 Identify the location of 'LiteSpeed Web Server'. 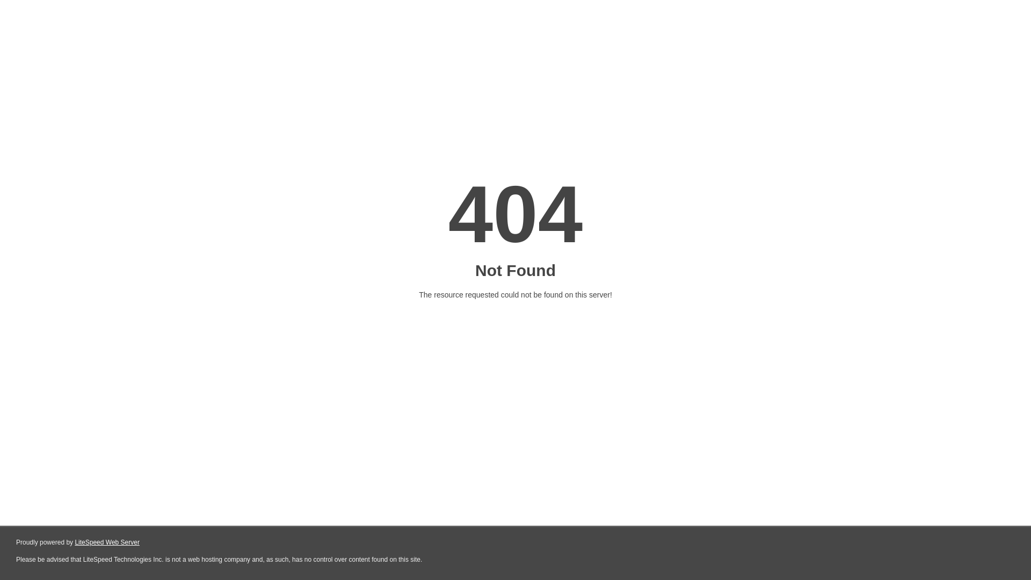
(107, 542).